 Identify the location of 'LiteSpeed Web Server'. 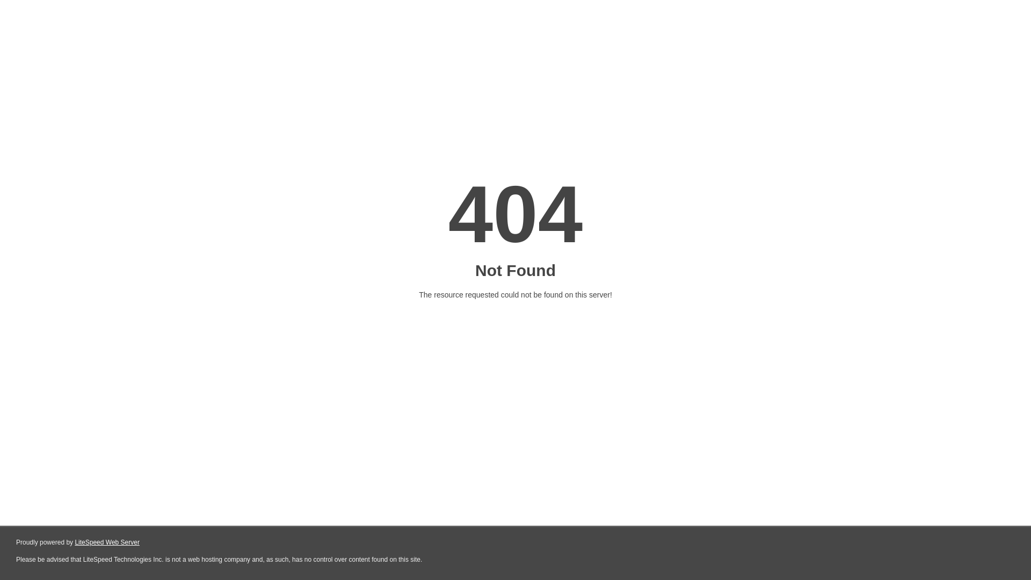
(107, 542).